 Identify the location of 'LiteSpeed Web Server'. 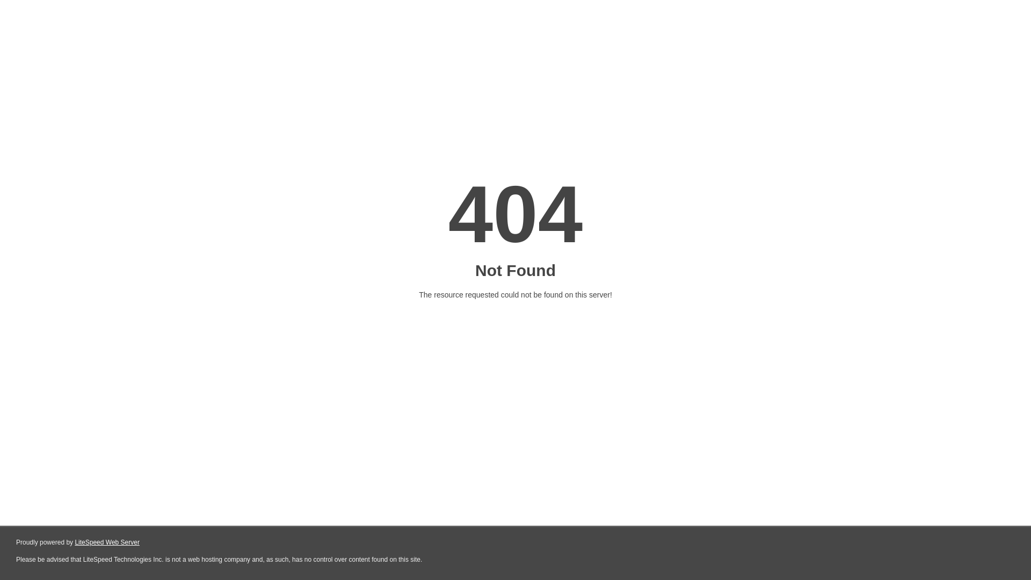
(107, 542).